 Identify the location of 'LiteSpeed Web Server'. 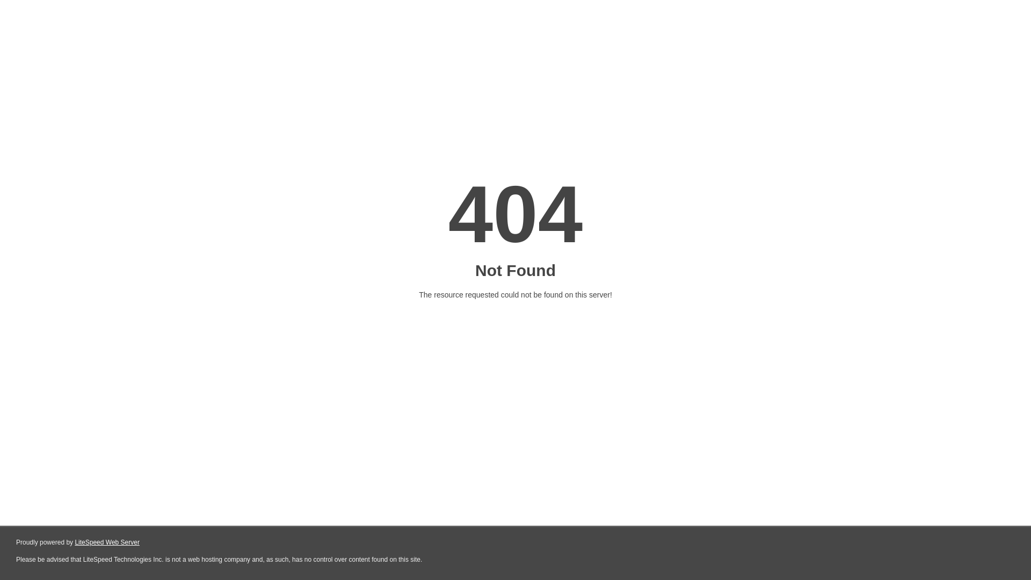
(107, 542).